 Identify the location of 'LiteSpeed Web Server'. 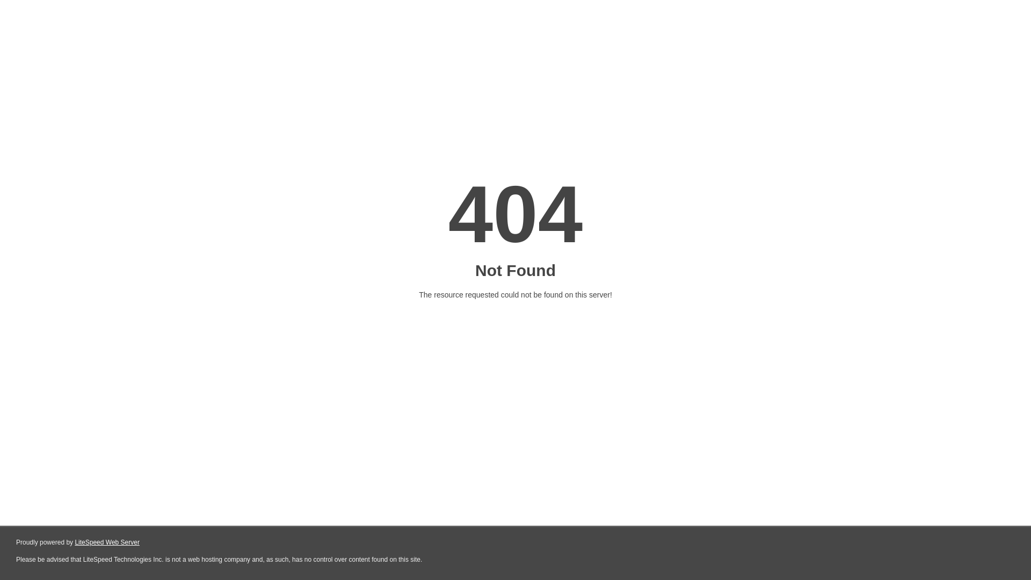
(107, 542).